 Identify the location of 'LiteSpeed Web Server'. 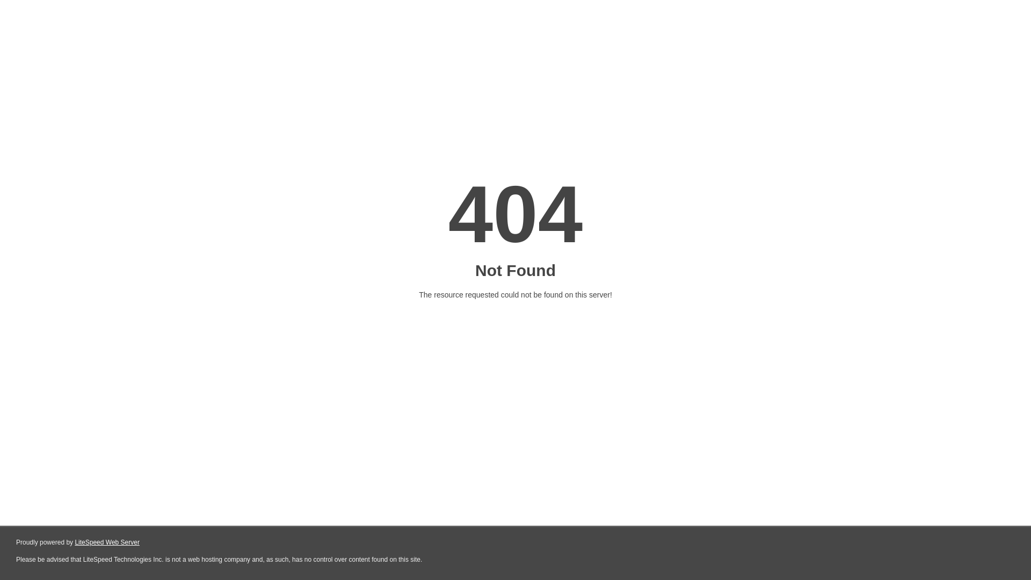
(107, 542).